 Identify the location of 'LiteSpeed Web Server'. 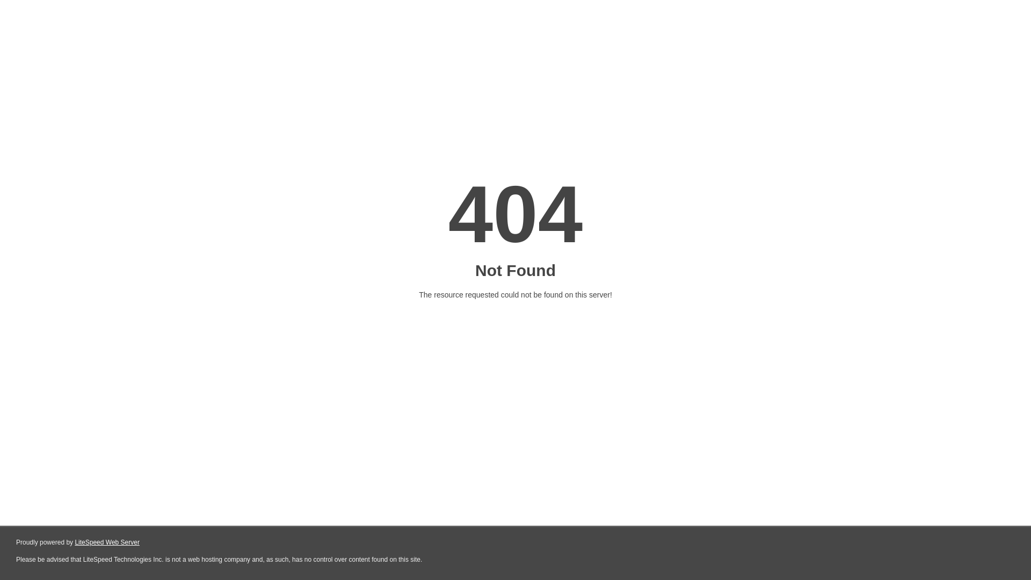
(107, 542).